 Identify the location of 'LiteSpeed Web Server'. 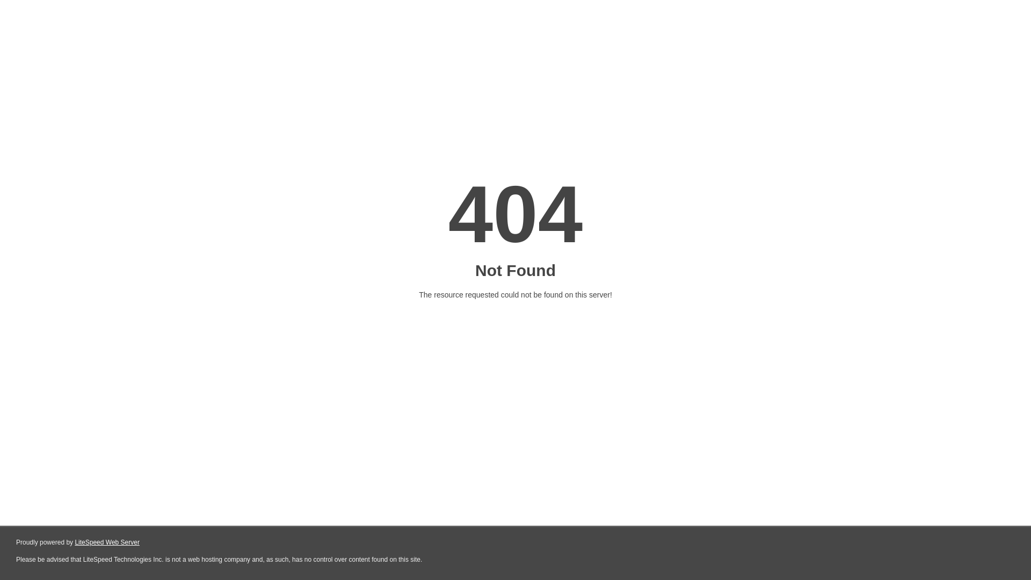
(107, 542).